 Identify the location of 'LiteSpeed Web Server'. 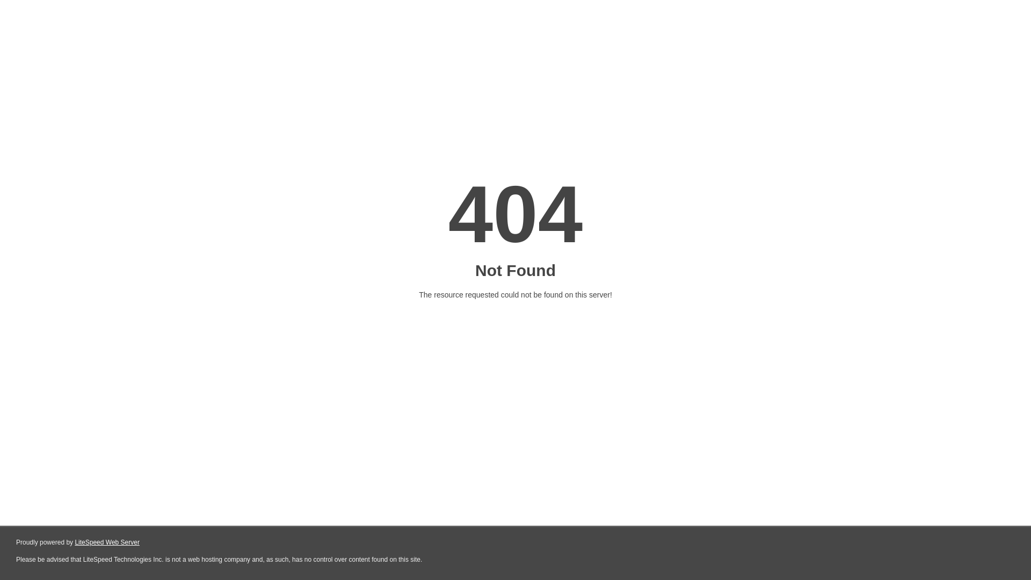
(107, 542).